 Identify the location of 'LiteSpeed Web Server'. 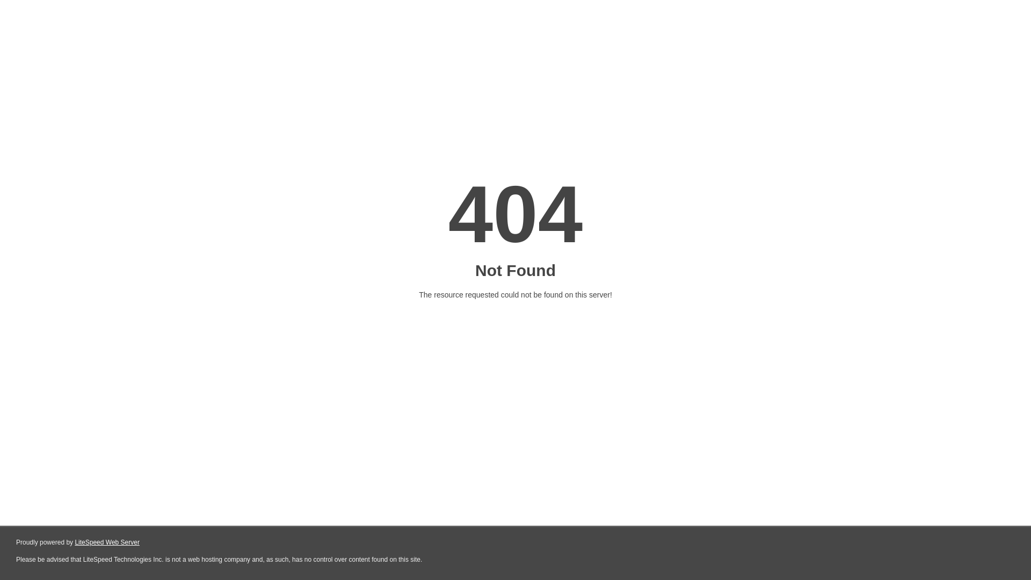
(107, 542).